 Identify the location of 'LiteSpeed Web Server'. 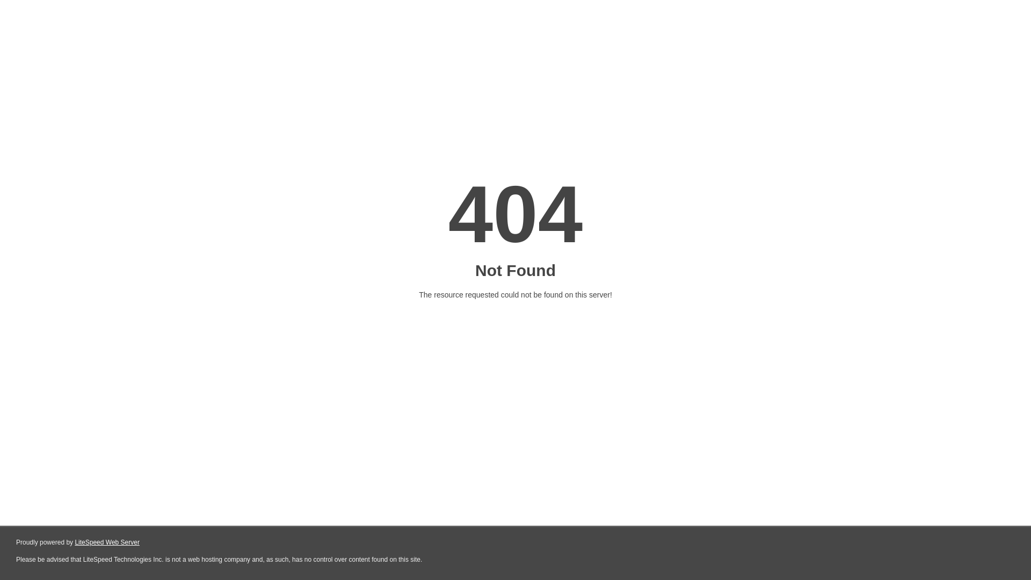
(107, 542).